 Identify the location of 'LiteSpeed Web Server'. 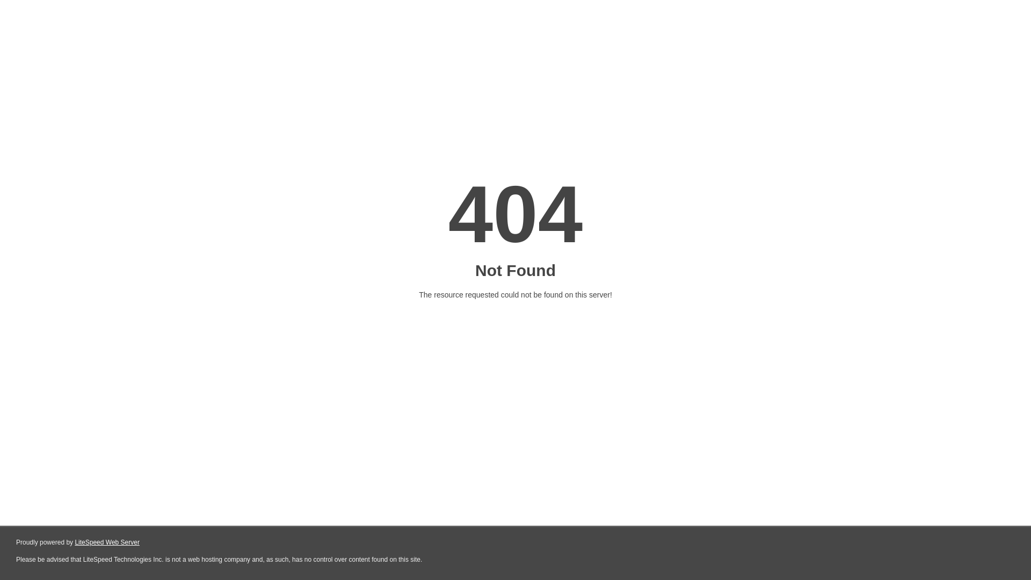
(107, 542).